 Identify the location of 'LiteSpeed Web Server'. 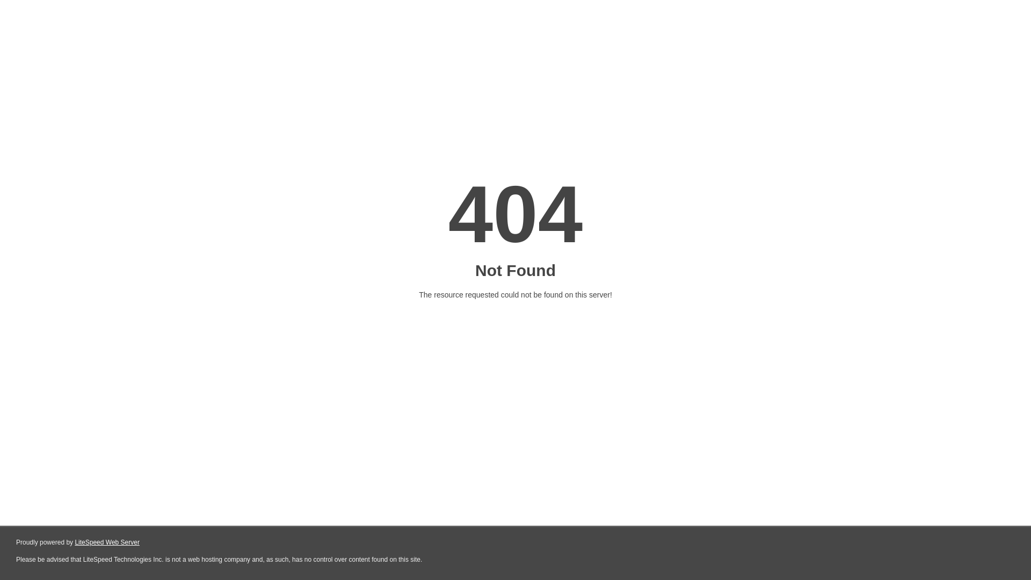
(107, 542).